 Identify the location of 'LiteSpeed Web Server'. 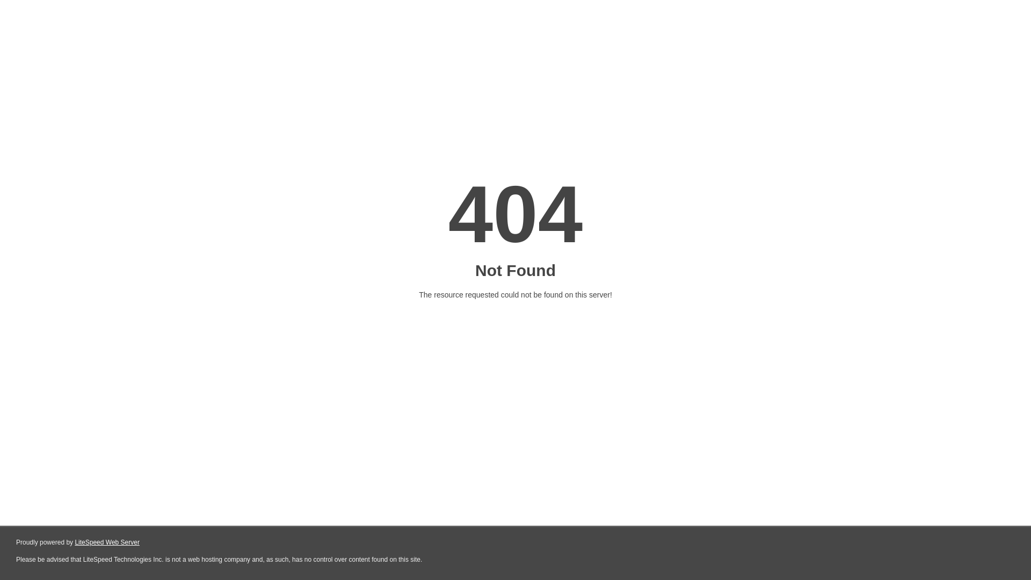
(107, 542).